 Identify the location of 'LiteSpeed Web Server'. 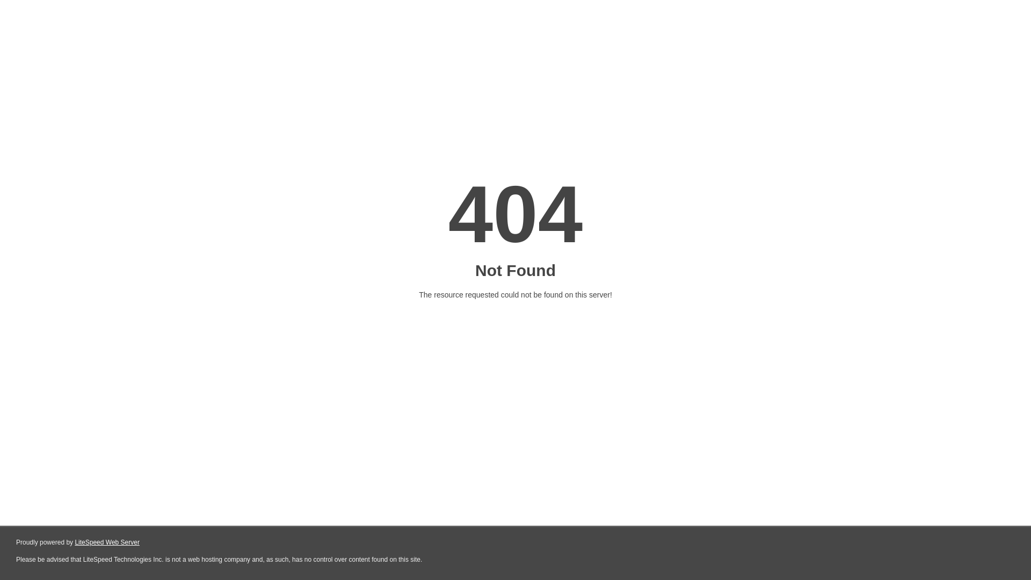
(107, 542).